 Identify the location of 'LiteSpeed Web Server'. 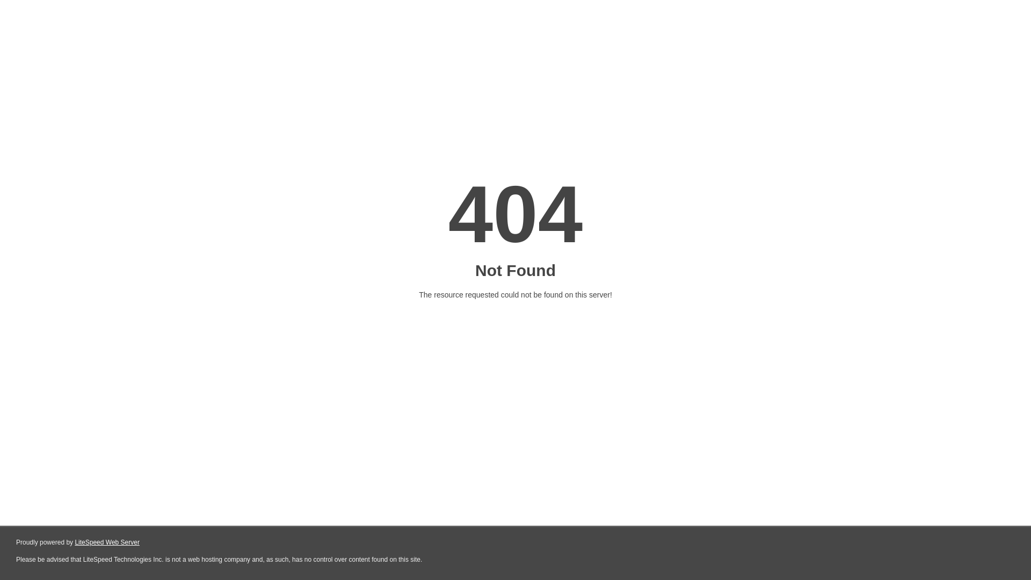
(107, 542).